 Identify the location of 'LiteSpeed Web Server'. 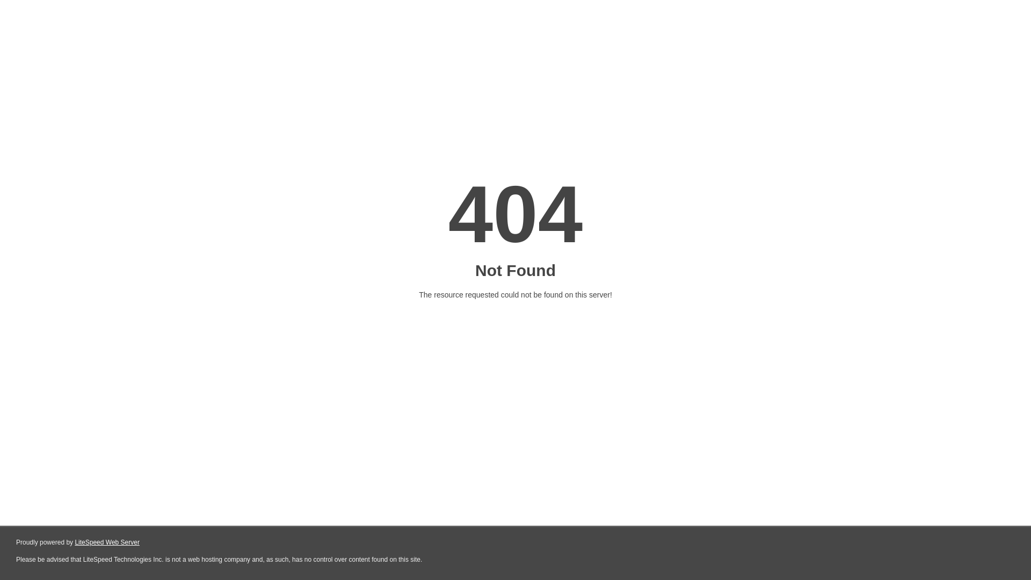
(107, 542).